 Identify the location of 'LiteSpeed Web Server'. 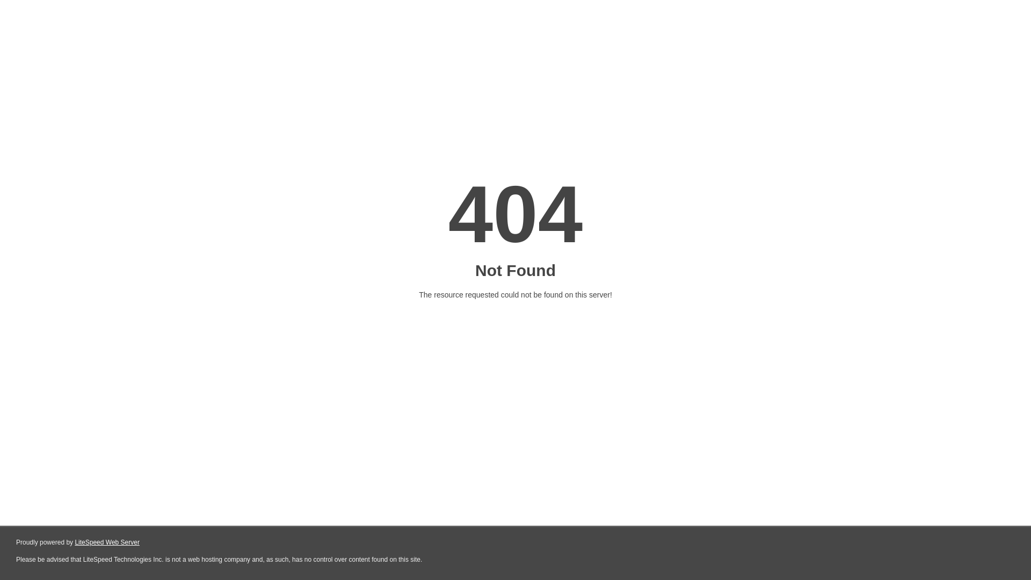
(107, 542).